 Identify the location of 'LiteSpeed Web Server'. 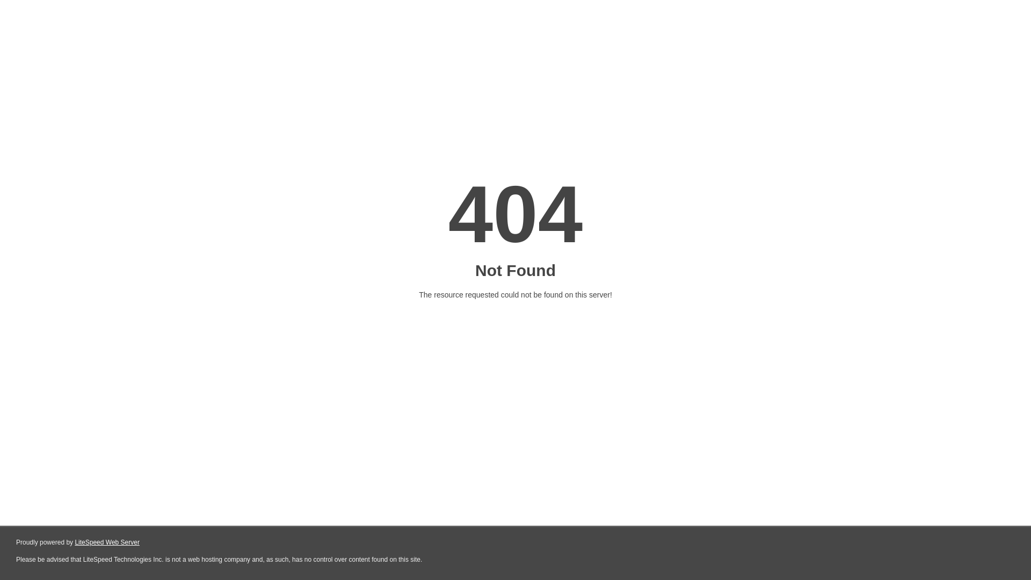
(107, 542).